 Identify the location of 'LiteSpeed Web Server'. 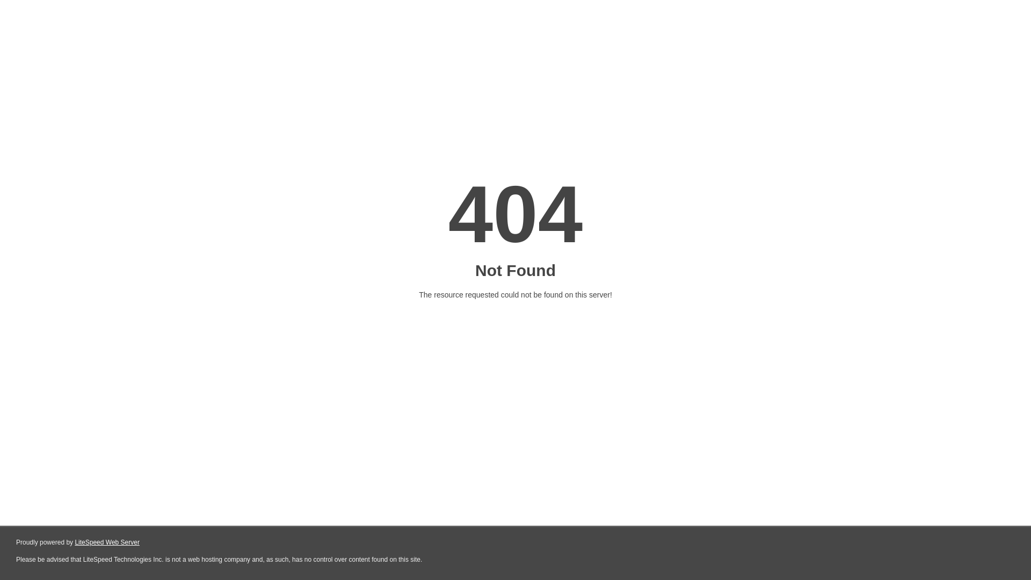
(107, 542).